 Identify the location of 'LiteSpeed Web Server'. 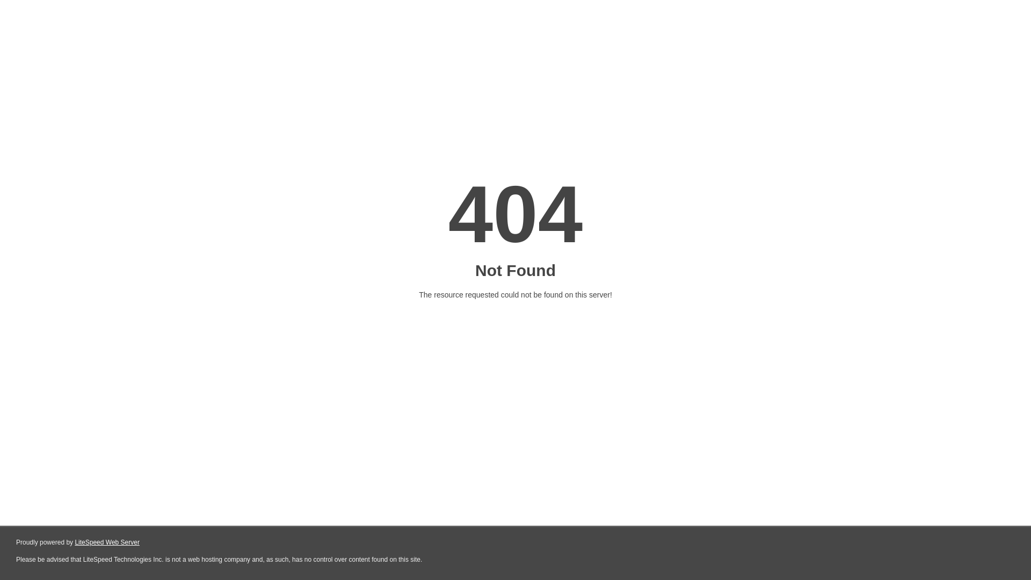
(107, 542).